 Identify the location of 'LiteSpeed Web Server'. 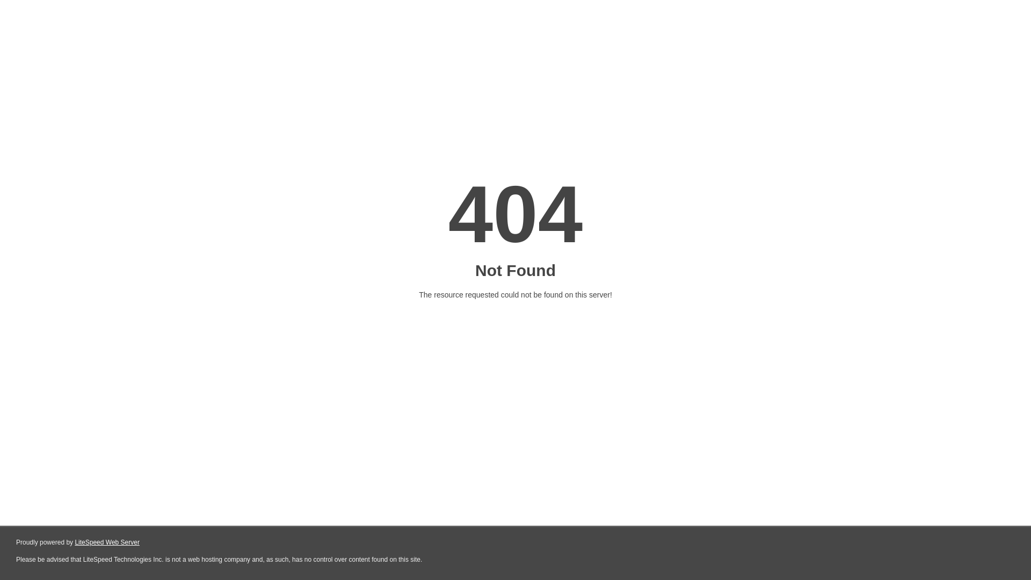
(107, 542).